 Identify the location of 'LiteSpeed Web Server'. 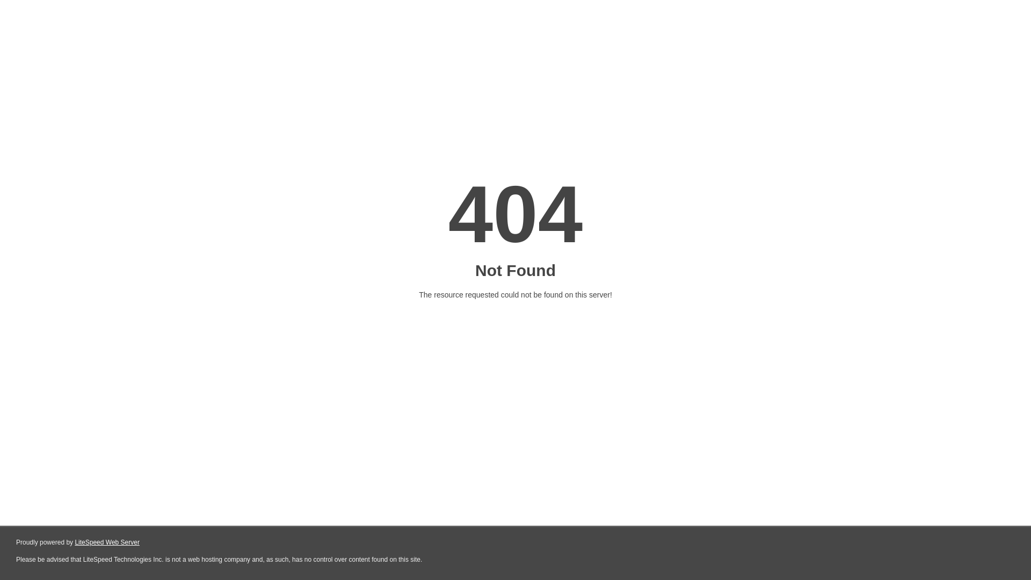
(107, 542).